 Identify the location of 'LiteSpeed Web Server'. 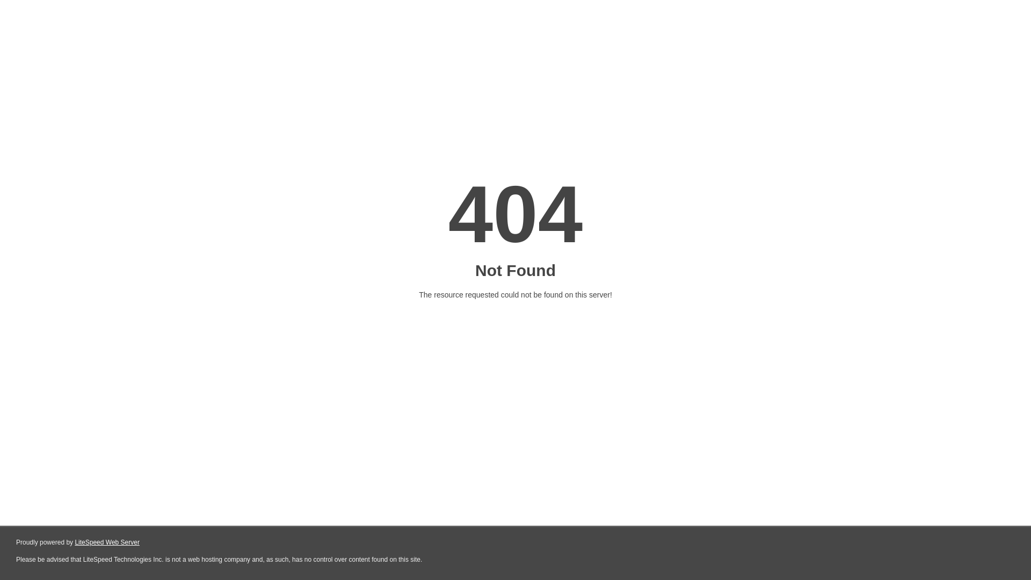
(107, 542).